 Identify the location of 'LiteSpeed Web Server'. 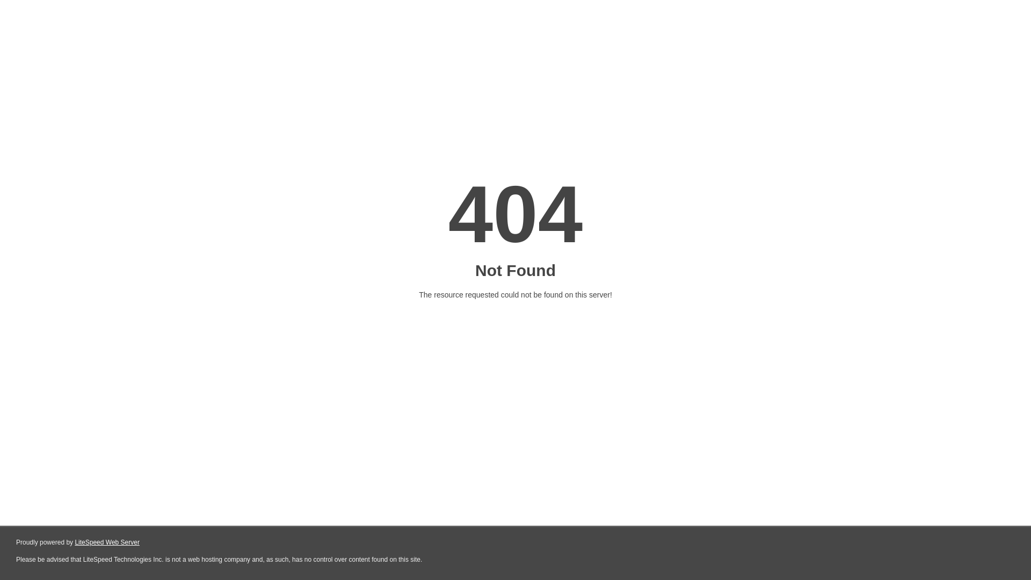
(107, 542).